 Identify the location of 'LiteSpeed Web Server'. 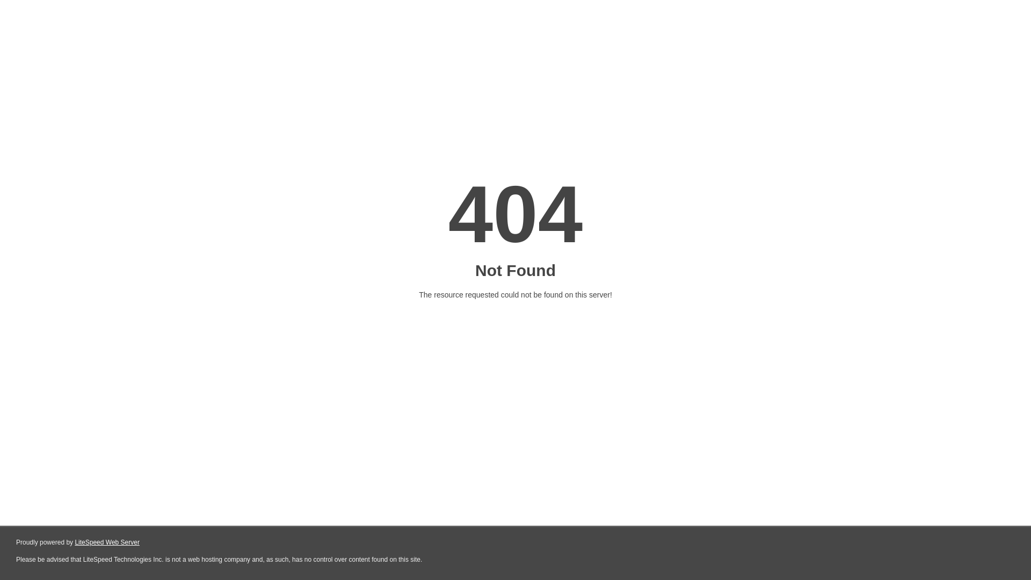
(107, 542).